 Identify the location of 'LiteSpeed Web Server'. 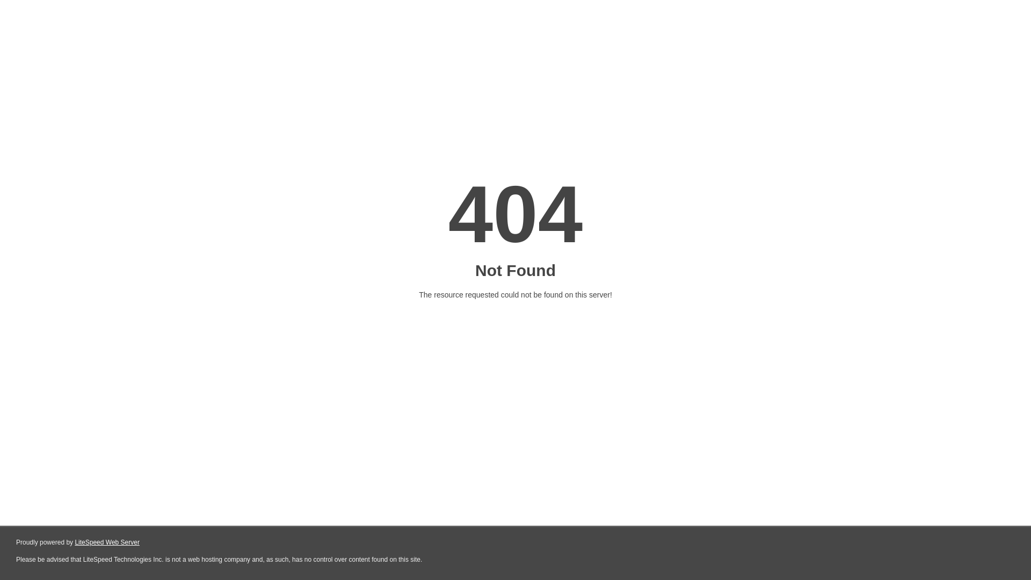
(107, 542).